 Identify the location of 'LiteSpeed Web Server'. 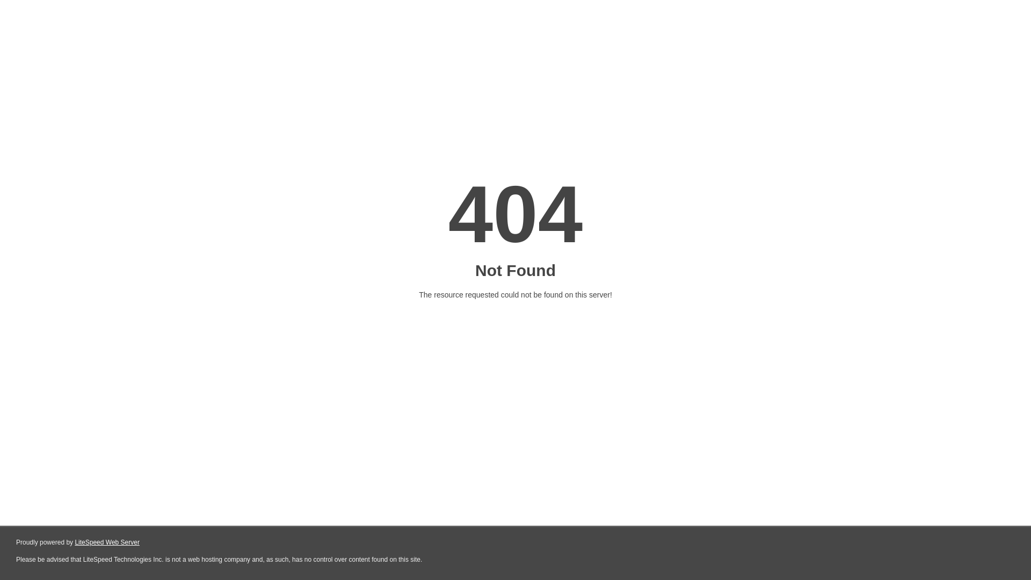
(107, 542).